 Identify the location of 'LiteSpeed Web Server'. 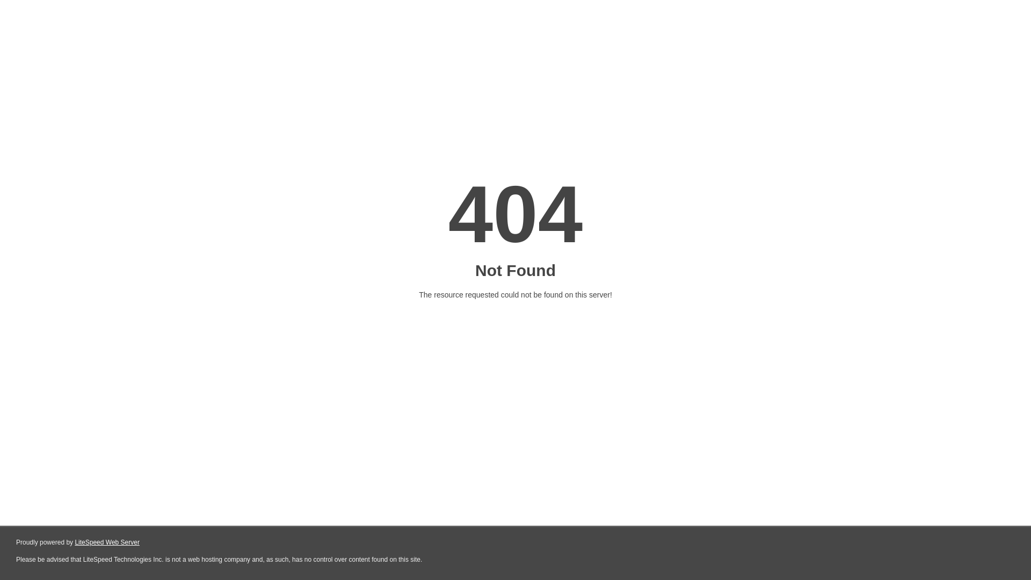
(107, 542).